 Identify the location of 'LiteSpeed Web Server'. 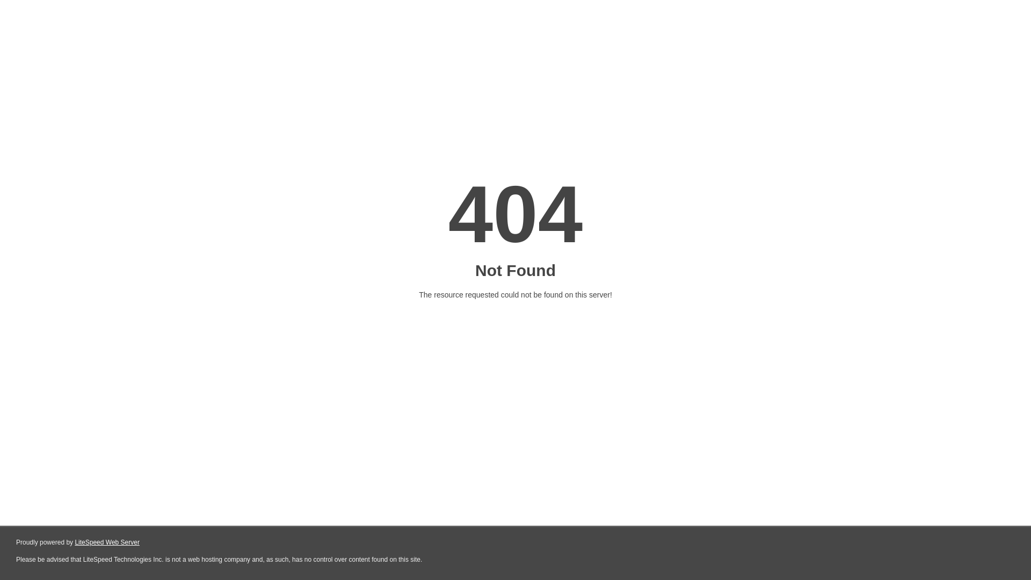
(107, 542).